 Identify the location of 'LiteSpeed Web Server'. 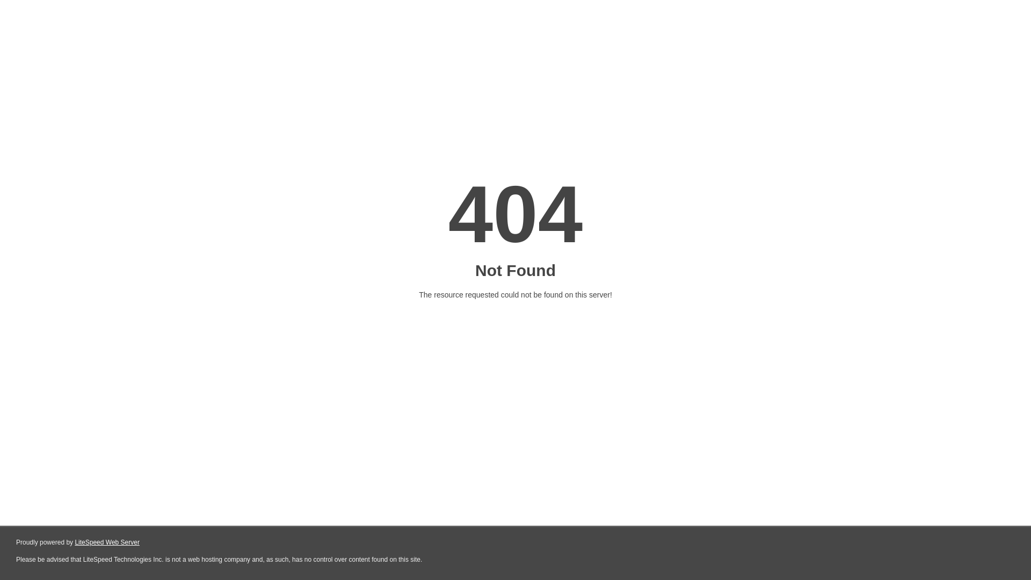
(107, 542).